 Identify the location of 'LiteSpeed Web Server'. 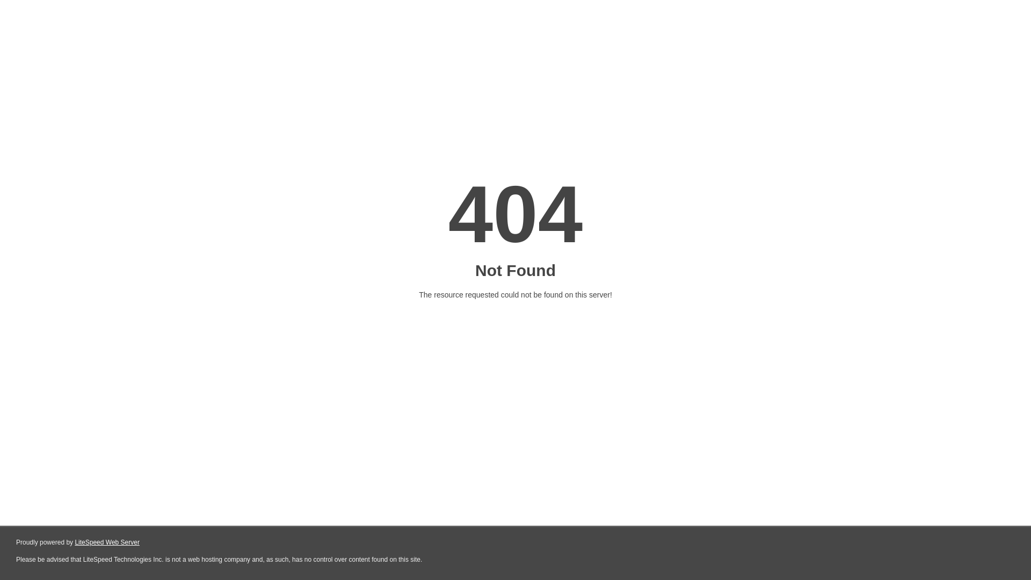
(107, 542).